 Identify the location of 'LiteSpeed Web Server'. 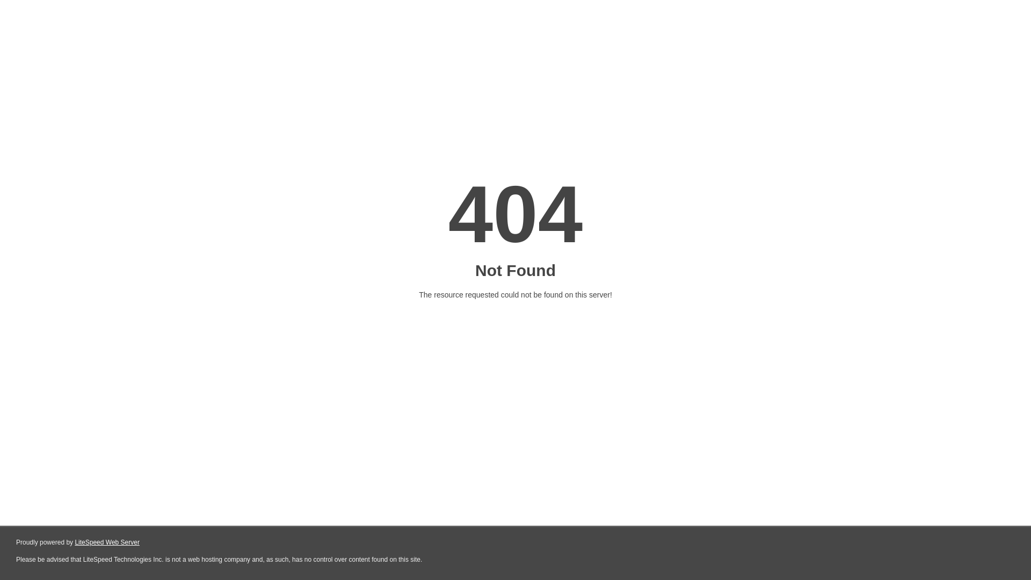
(107, 542).